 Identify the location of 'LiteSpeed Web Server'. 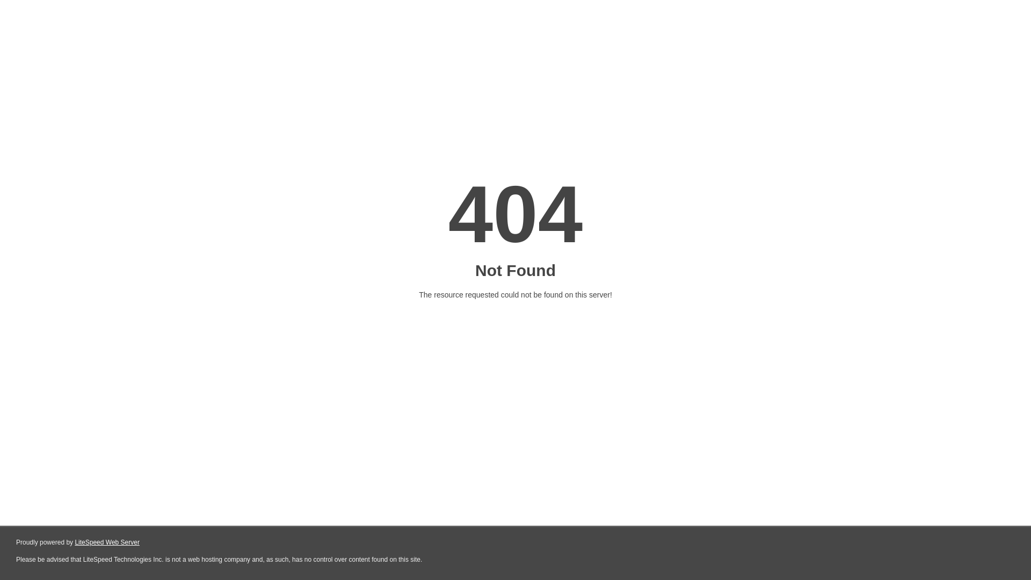
(107, 542).